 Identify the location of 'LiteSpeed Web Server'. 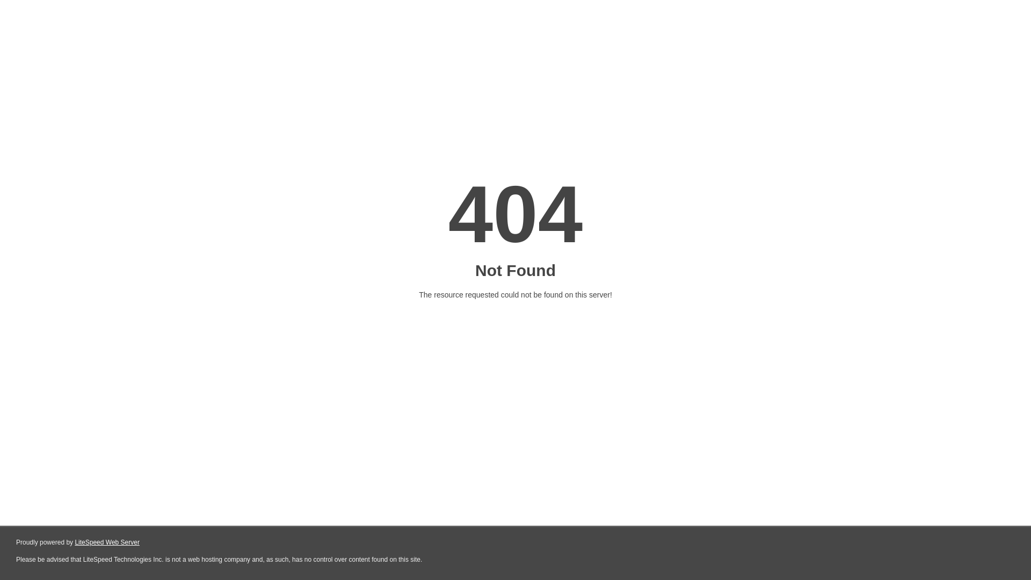
(107, 542).